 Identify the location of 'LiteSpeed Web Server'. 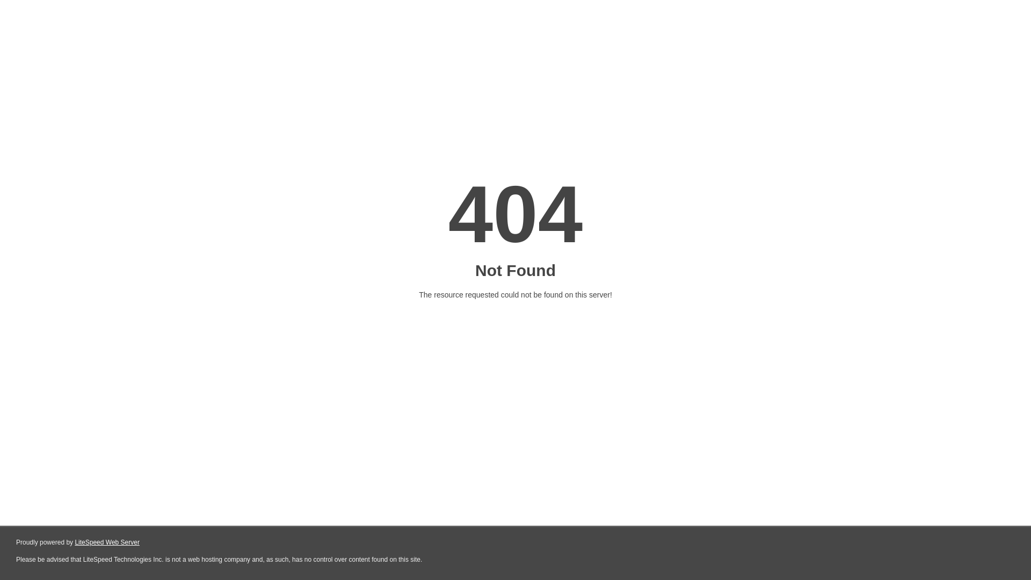
(107, 542).